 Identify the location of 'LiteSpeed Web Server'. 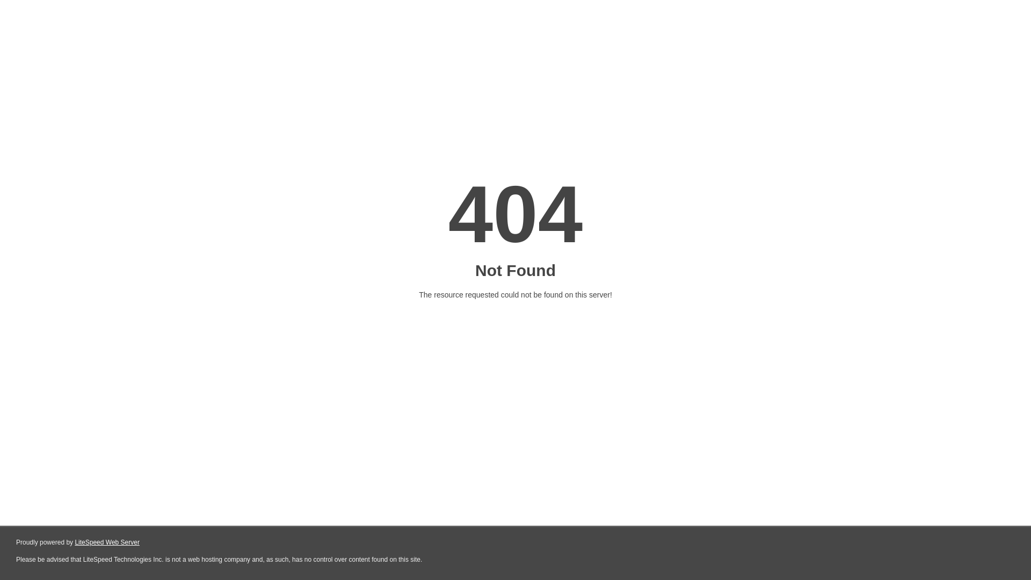
(107, 542).